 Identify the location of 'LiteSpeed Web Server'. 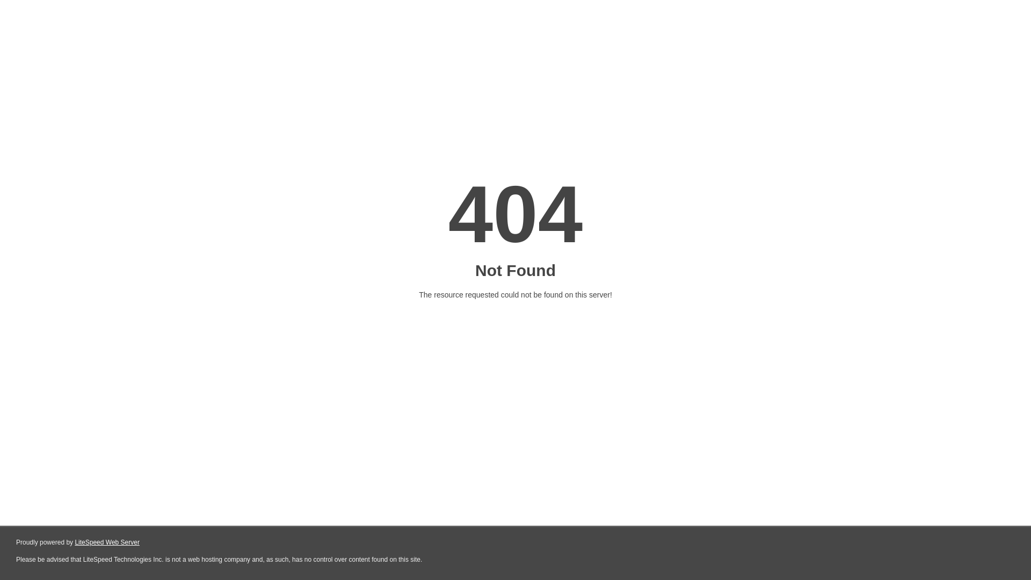
(107, 542).